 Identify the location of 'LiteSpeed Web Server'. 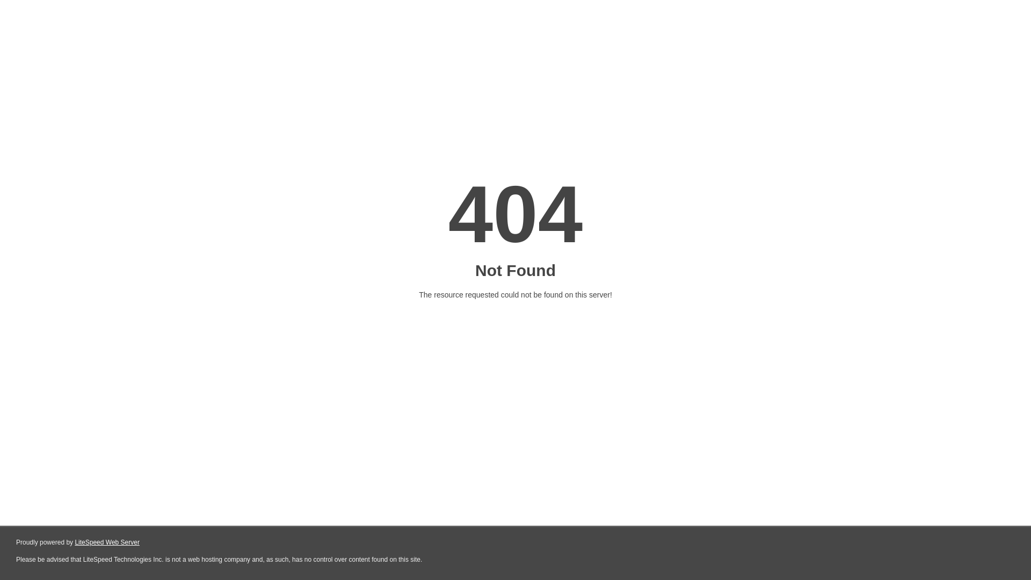
(107, 542).